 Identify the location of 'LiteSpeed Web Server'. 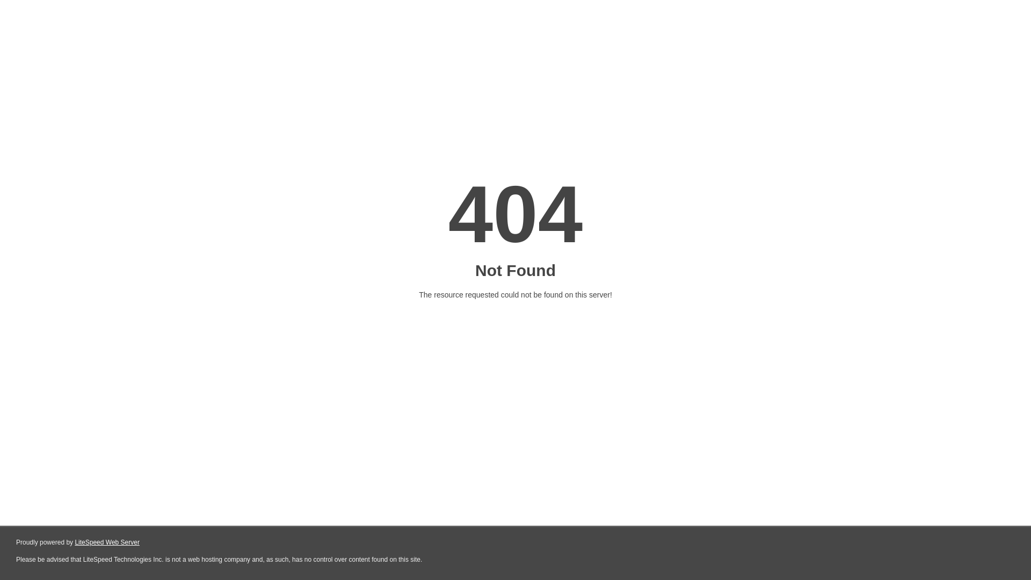
(107, 542).